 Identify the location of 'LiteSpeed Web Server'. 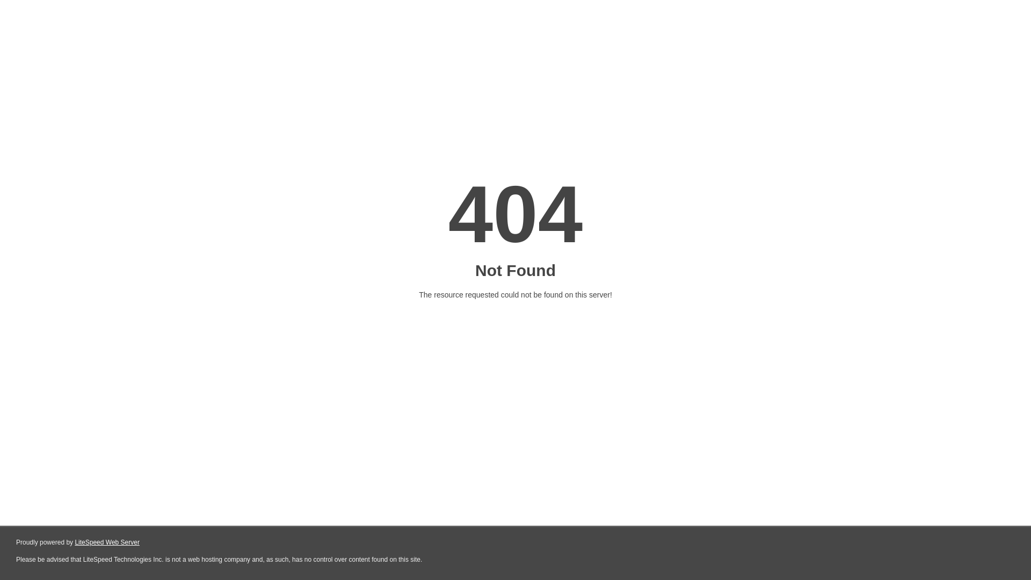
(107, 542).